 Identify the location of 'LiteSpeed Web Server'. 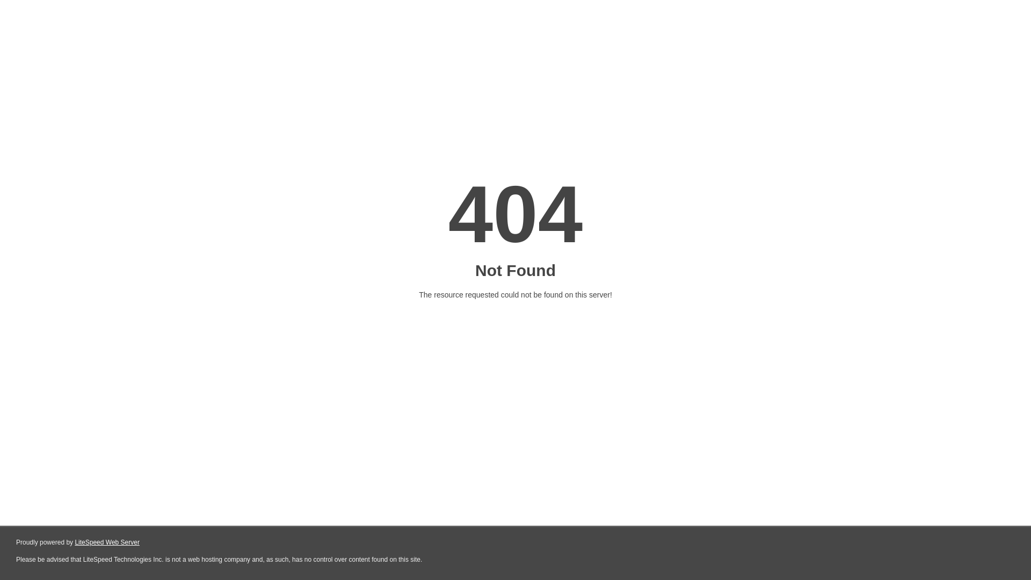
(107, 542).